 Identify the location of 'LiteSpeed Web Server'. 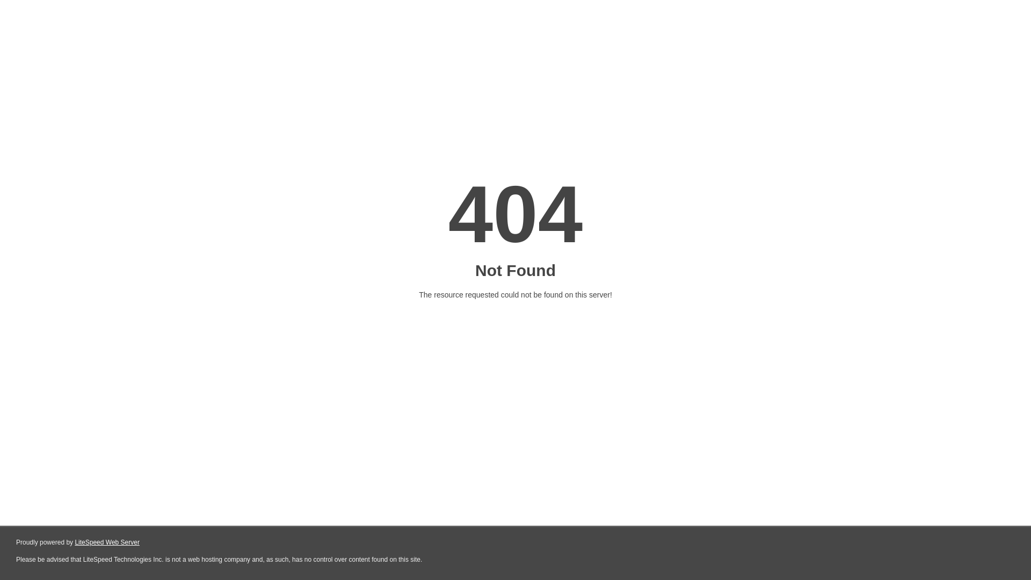
(107, 542).